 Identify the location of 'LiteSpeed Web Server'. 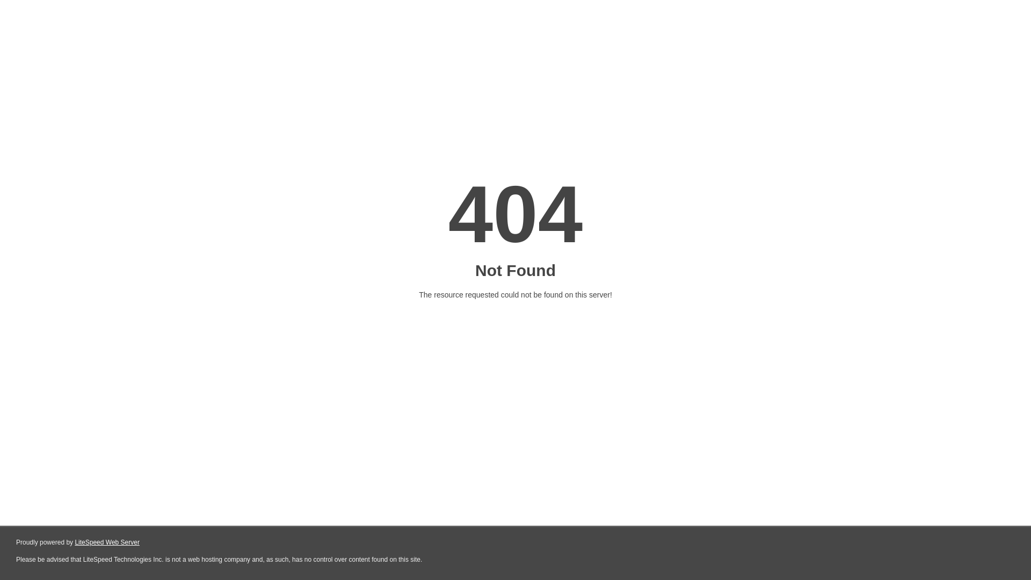
(107, 542).